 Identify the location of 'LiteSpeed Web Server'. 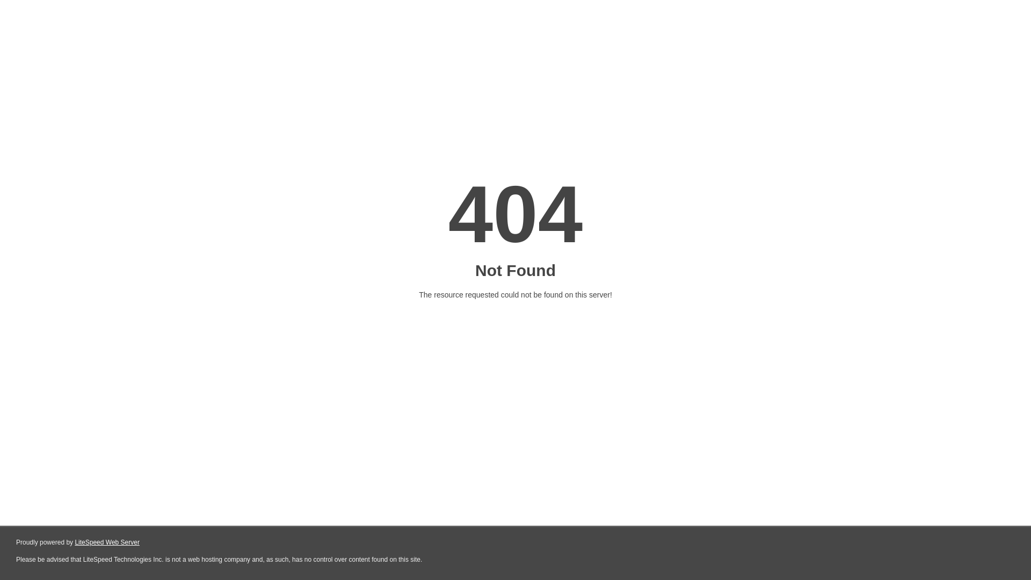
(107, 542).